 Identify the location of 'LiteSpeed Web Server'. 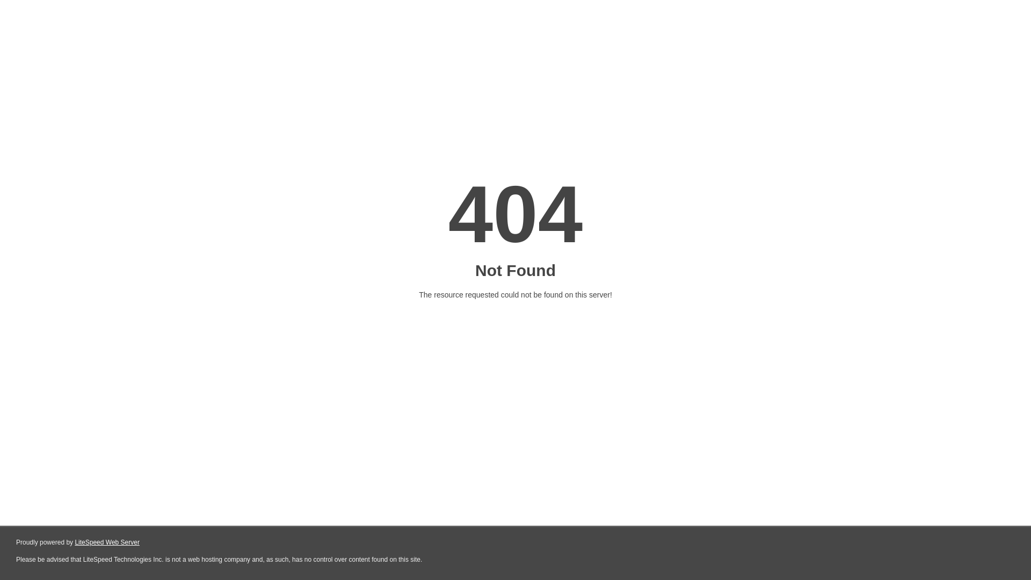
(107, 542).